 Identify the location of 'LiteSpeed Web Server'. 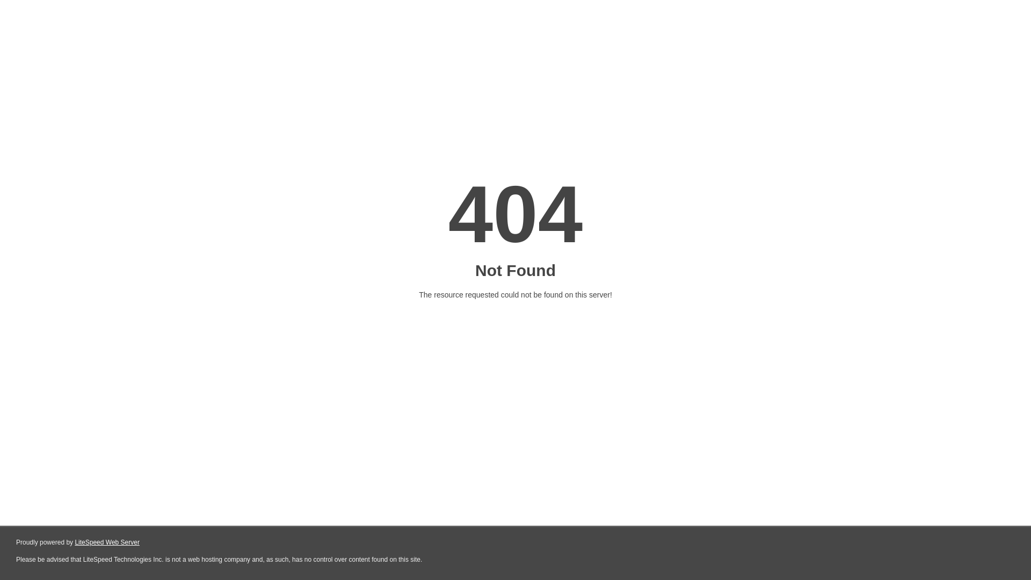
(107, 542).